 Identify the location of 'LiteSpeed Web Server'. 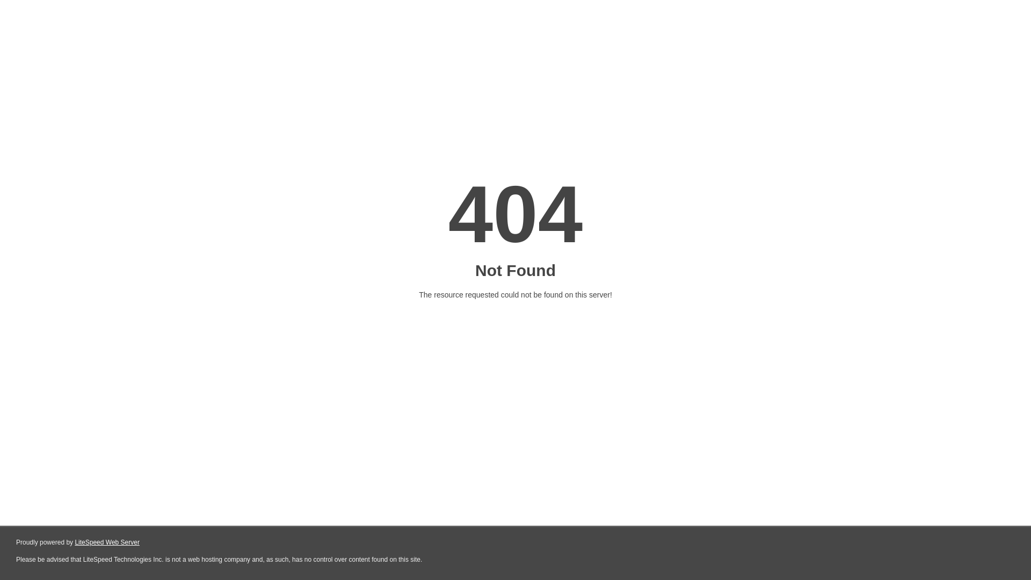
(107, 542).